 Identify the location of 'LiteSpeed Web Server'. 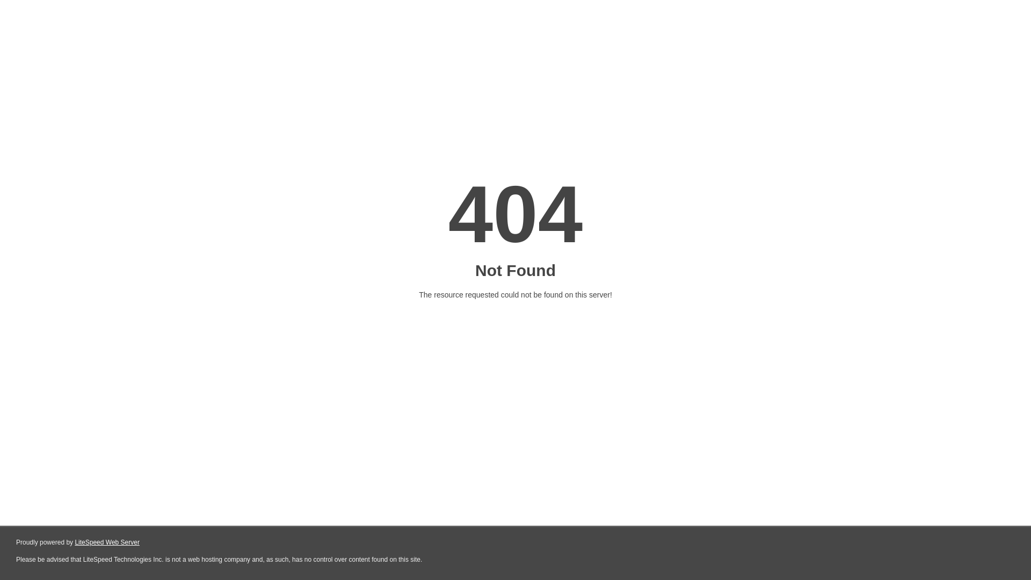
(107, 542).